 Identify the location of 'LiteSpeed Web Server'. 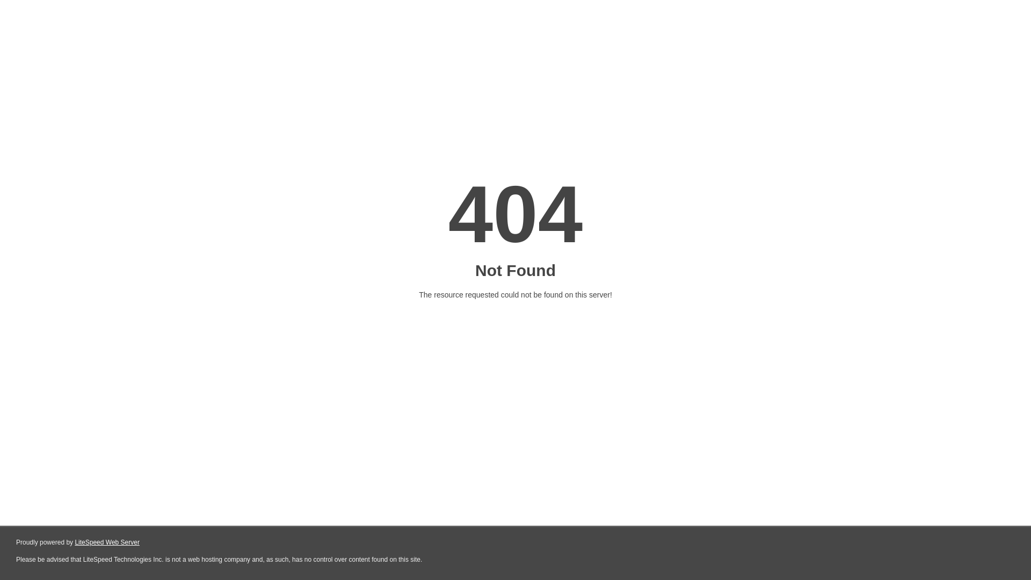
(107, 542).